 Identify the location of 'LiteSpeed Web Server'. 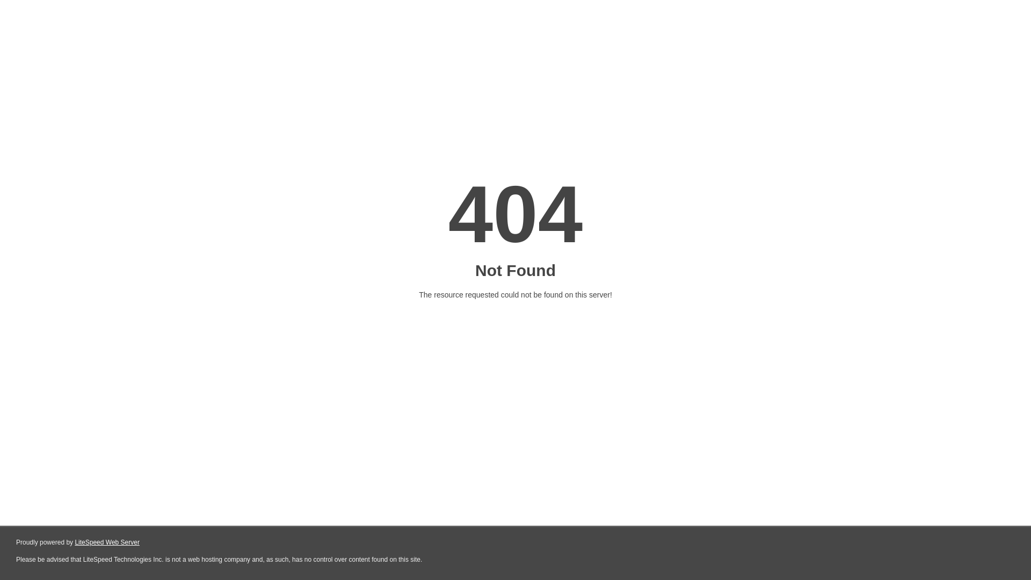
(107, 542).